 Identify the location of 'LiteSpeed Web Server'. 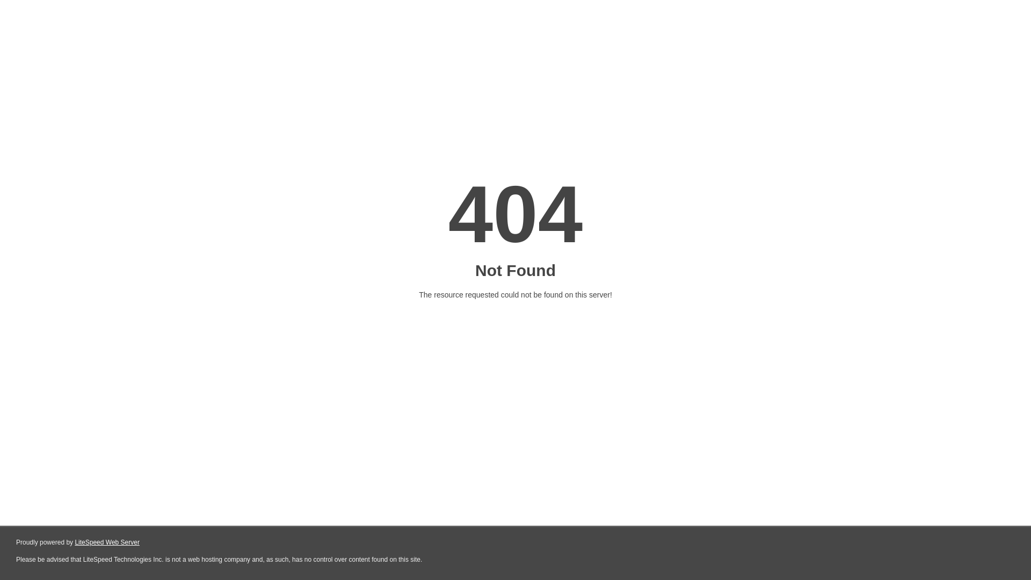
(107, 542).